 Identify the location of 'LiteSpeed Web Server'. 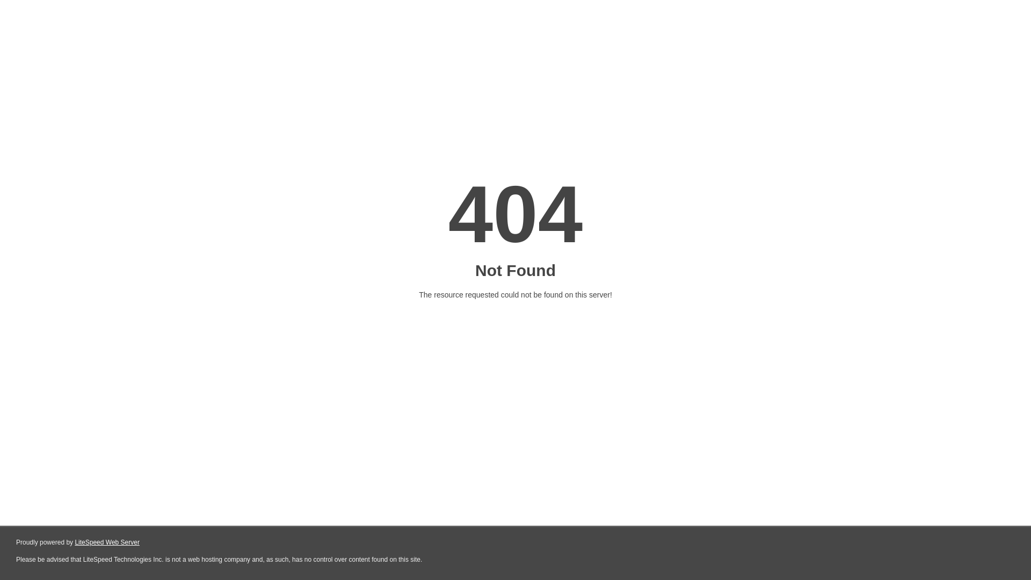
(107, 542).